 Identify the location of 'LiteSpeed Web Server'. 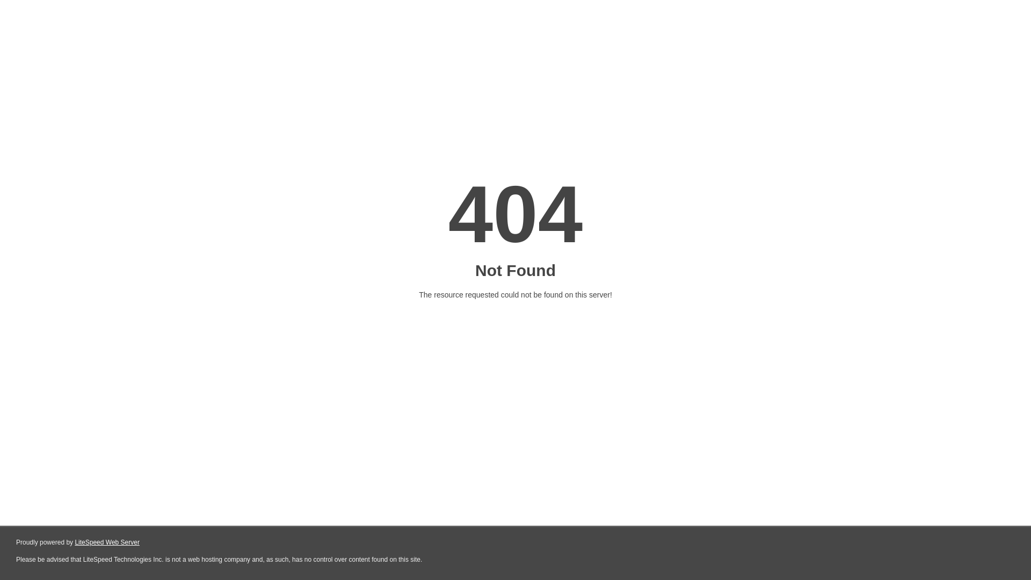
(107, 542).